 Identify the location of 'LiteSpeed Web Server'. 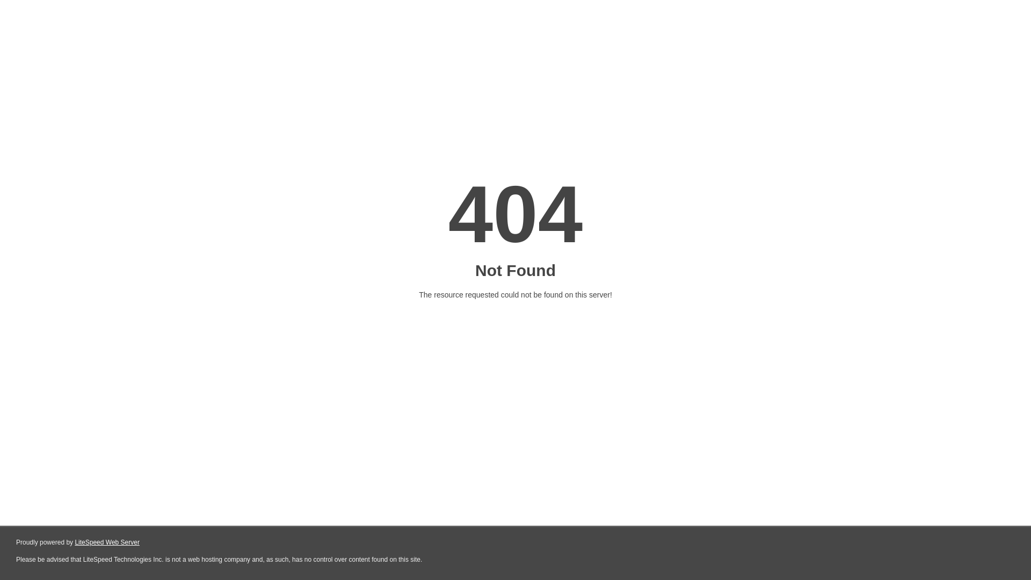
(107, 542).